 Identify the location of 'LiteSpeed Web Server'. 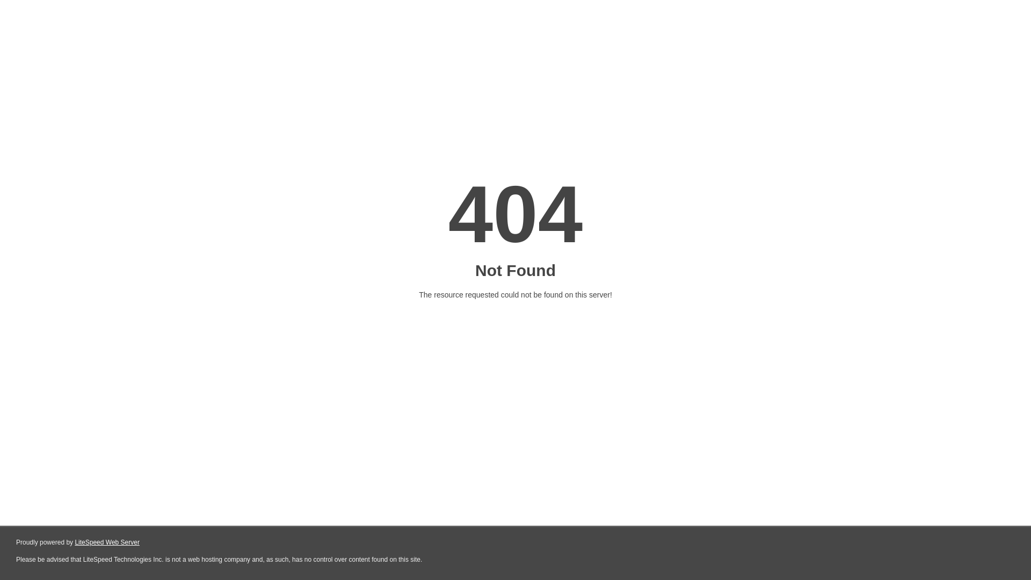
(107, 542).